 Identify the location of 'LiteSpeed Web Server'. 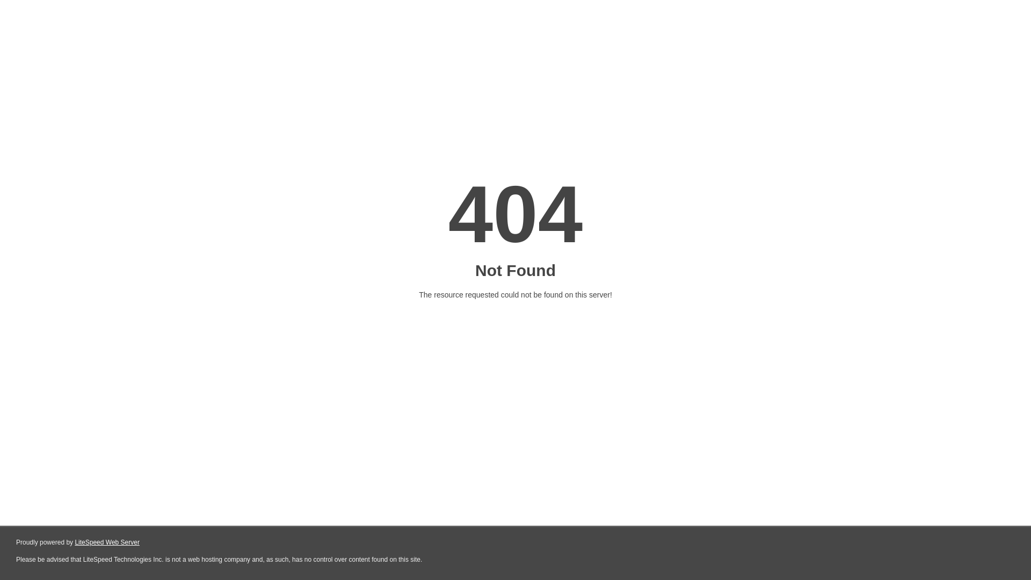
(107, 542).